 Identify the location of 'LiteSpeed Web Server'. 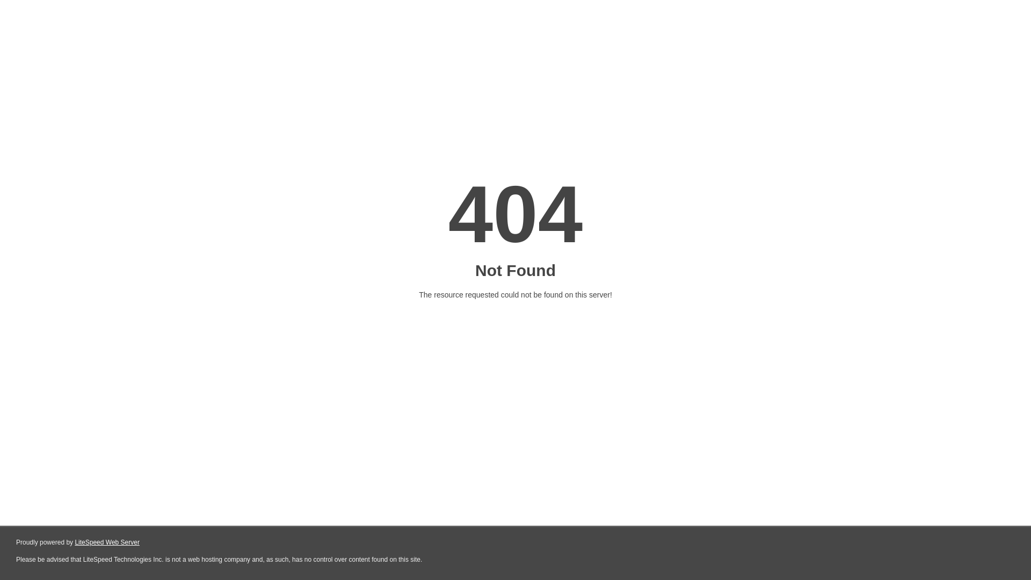
(107, 542).